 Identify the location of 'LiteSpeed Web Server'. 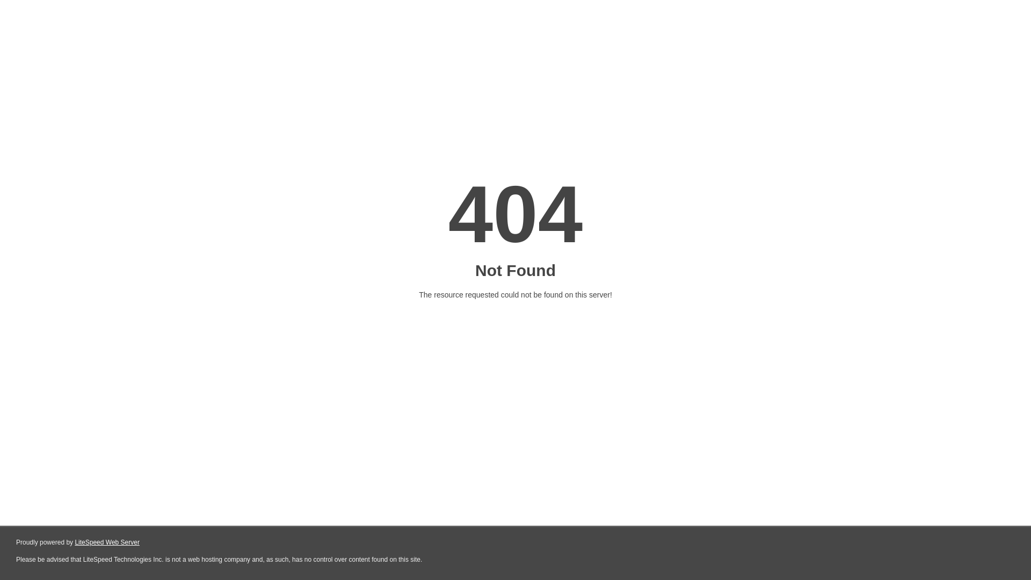
(107, 542).